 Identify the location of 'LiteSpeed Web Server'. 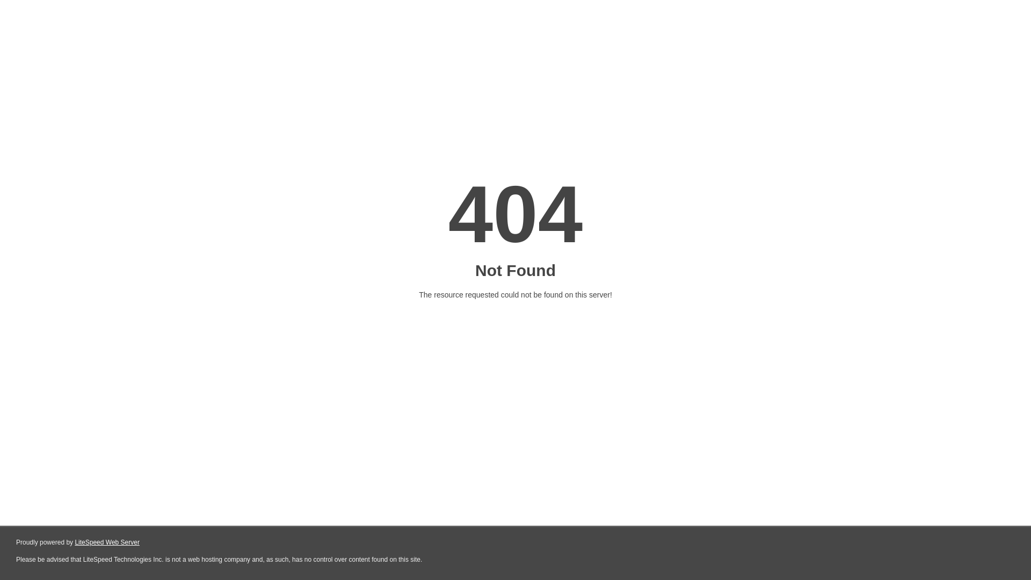
(107, 542).